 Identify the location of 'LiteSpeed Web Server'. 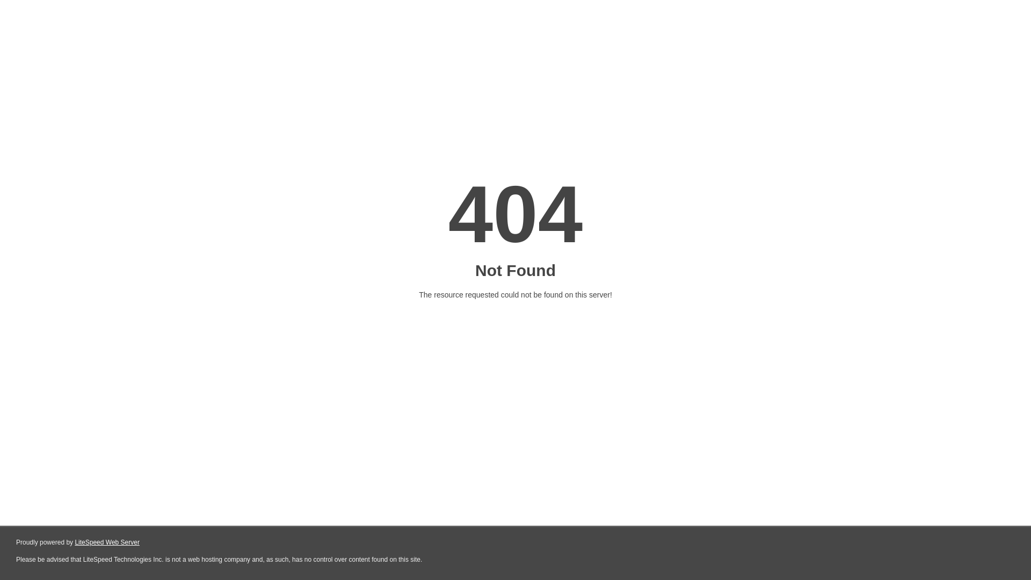
(107, 542).